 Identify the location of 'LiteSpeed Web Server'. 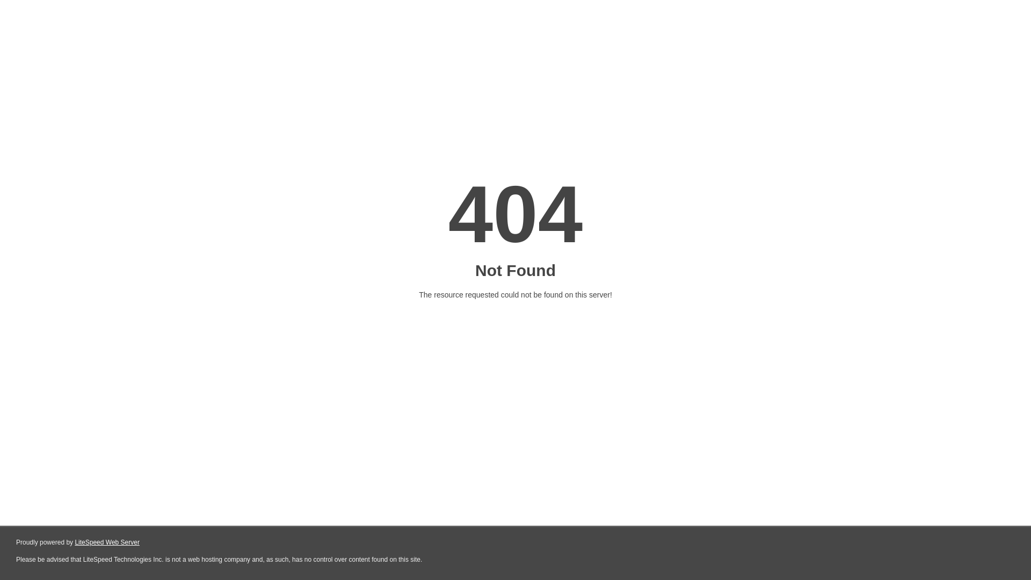
(107, 542).